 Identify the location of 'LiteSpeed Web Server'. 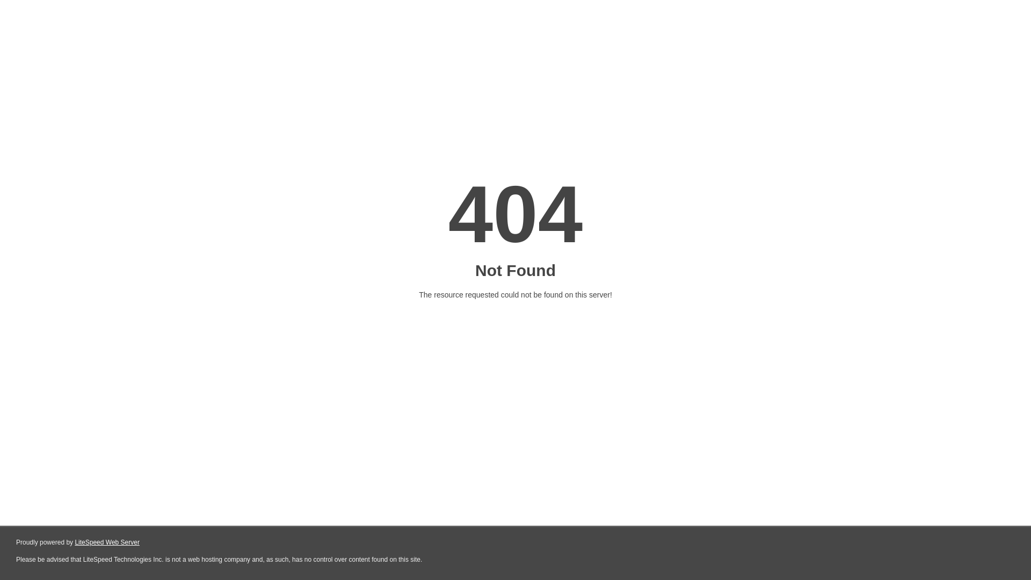
(107, 542).